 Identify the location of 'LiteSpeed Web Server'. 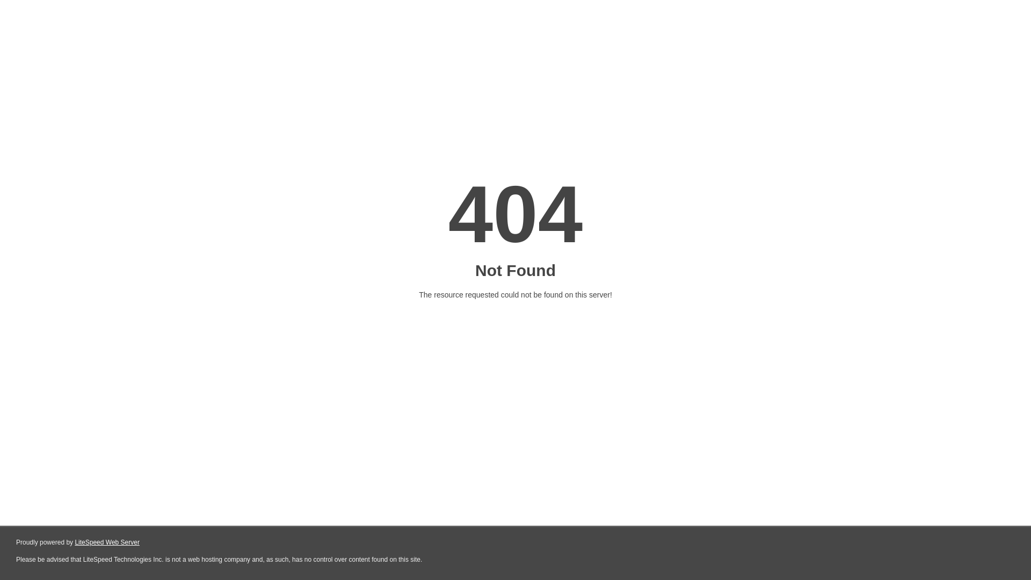
(107, 542).